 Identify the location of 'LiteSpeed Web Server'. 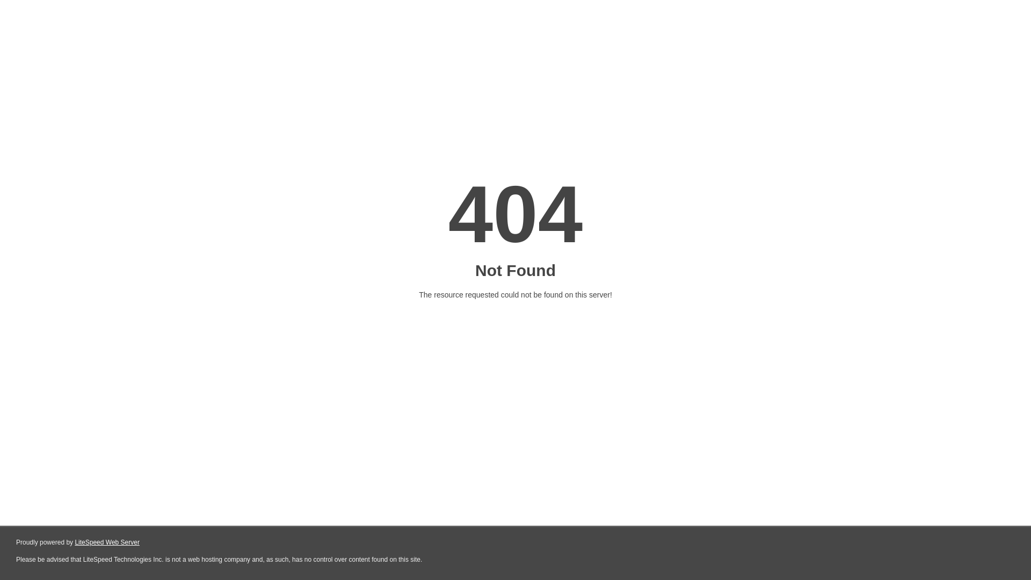
(107, 542).